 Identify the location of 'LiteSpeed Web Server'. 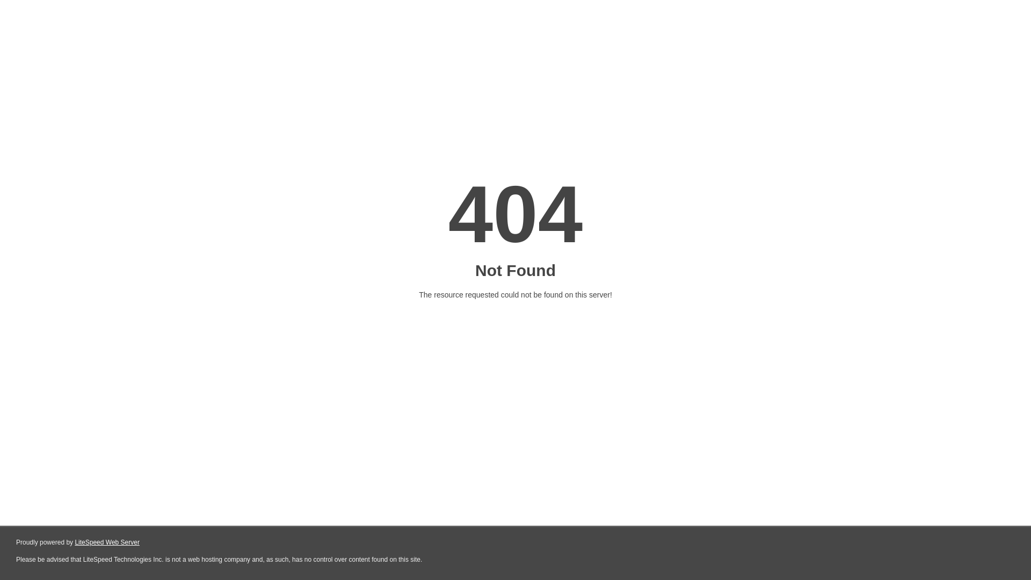
(107, 542).